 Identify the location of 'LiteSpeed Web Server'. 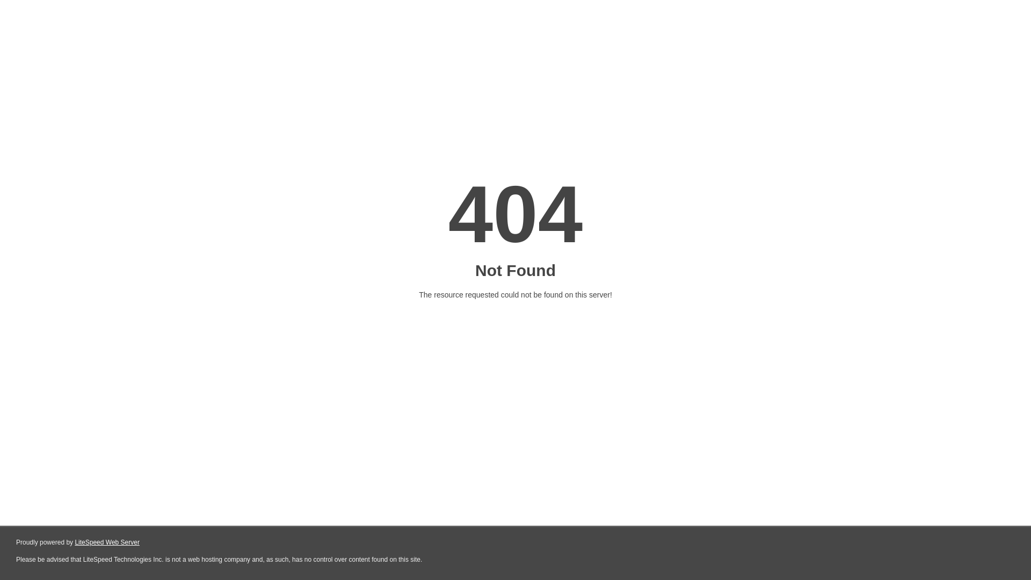
(107, 542).